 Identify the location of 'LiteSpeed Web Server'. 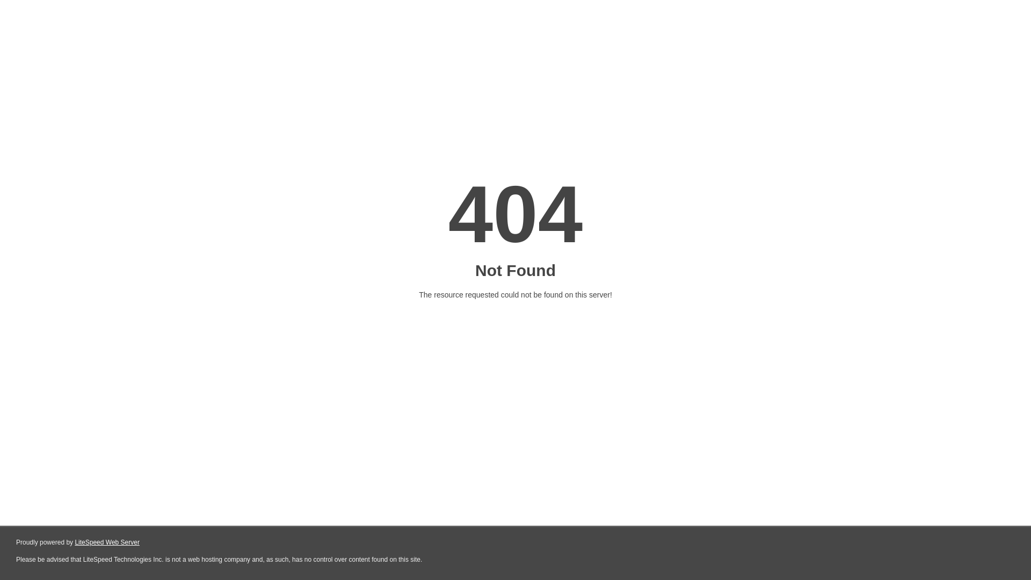
(107, 542).